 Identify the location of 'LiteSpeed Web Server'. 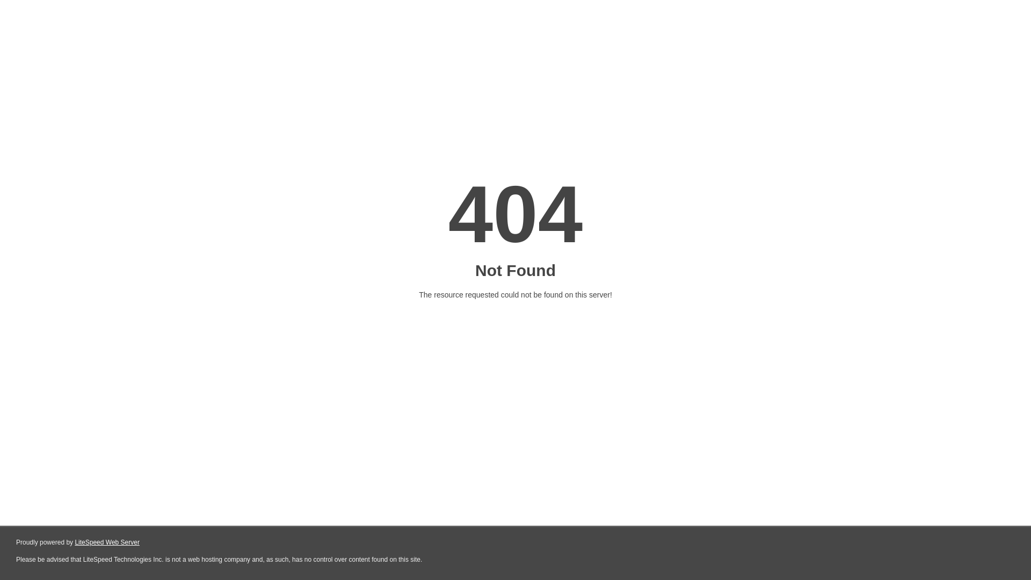
(107, 542).